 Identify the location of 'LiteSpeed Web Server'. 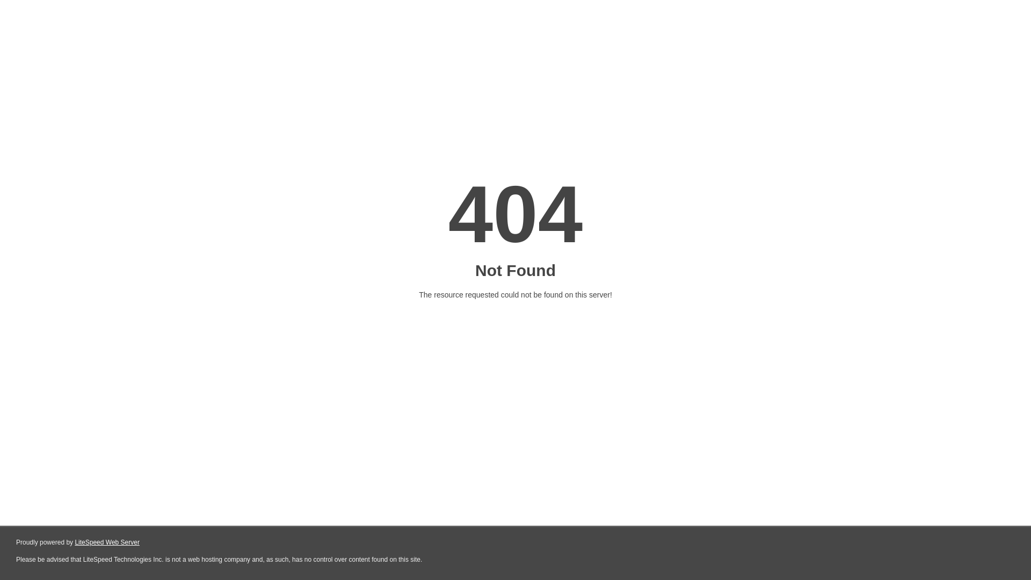
(107, 542).